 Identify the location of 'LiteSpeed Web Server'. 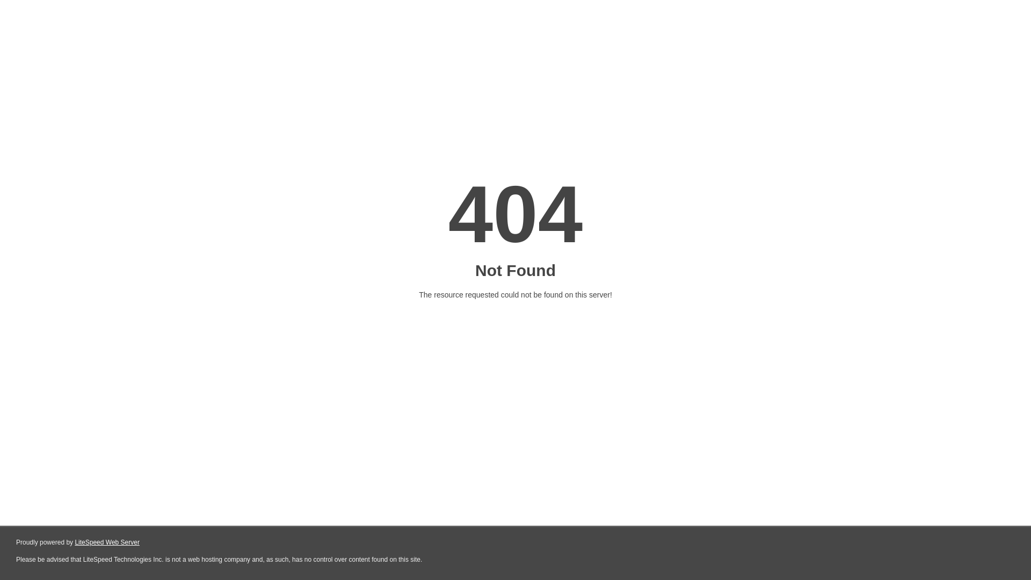
(107, 542).